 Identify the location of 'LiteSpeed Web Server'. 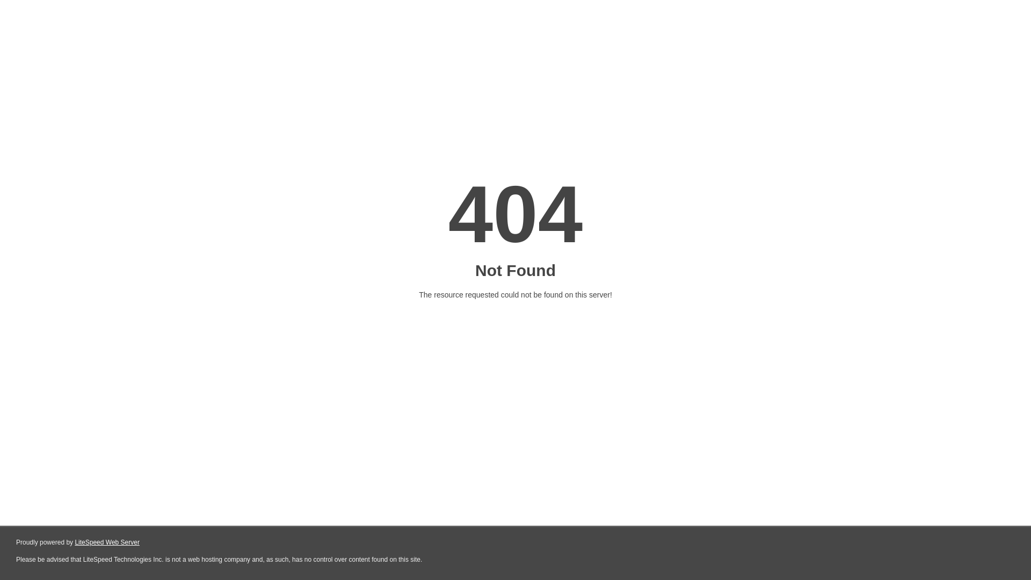
(107, 542).